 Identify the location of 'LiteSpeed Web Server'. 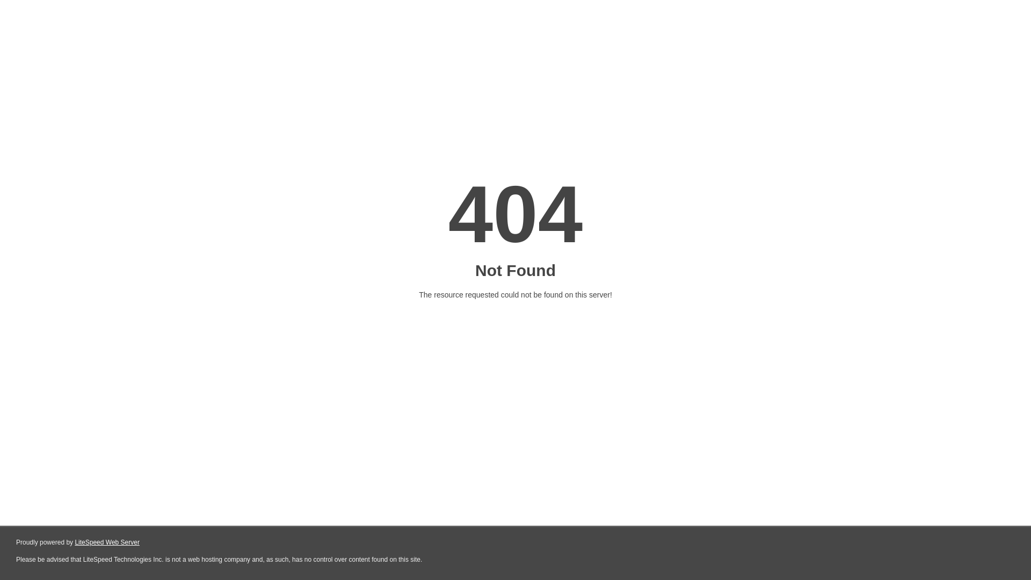
(107, 542).